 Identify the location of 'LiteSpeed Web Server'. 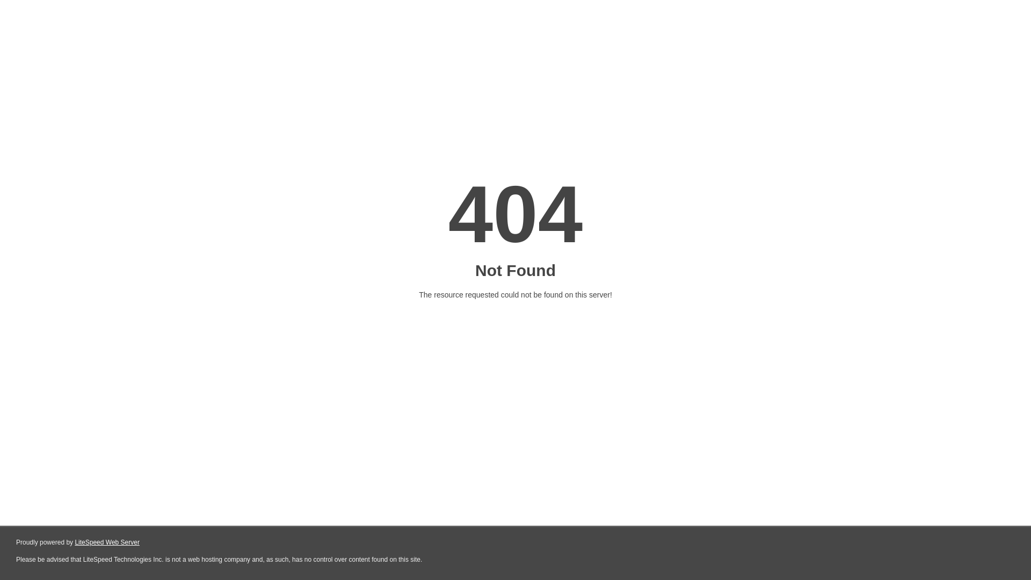
(107, 542).